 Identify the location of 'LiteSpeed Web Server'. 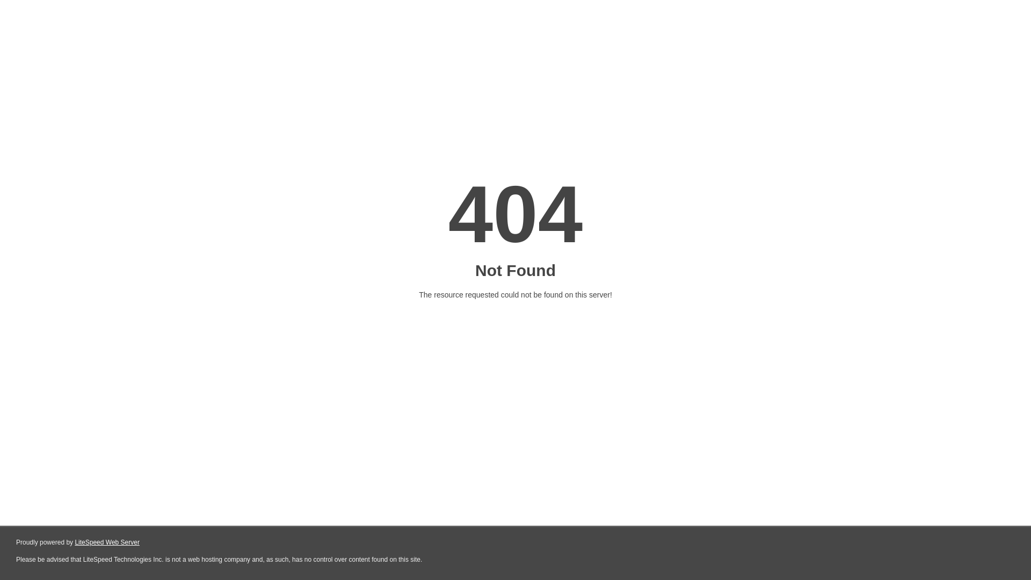
(107, 542).